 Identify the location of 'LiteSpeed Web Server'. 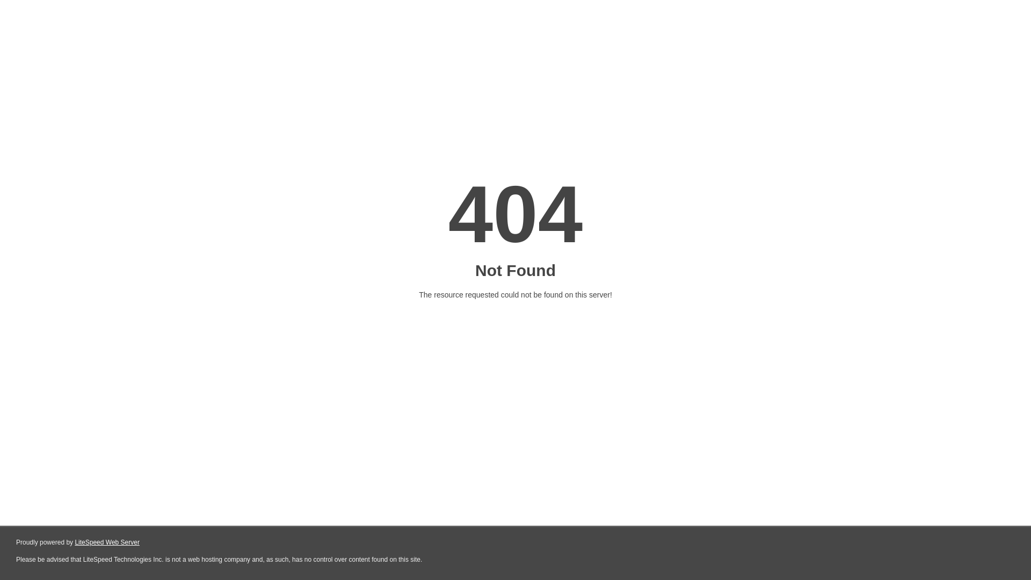
(107, 542).